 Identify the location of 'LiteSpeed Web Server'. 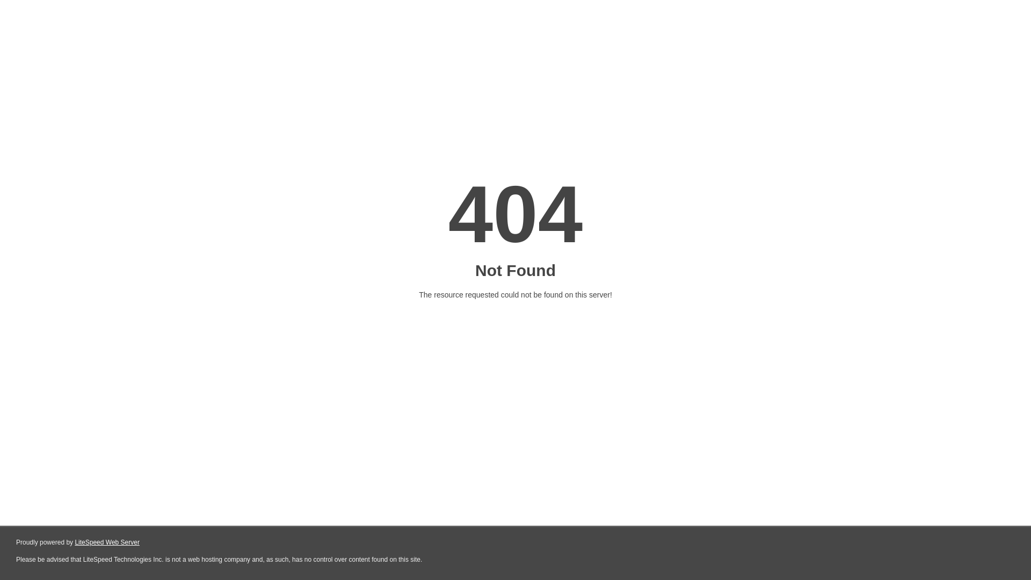
(107, 542).